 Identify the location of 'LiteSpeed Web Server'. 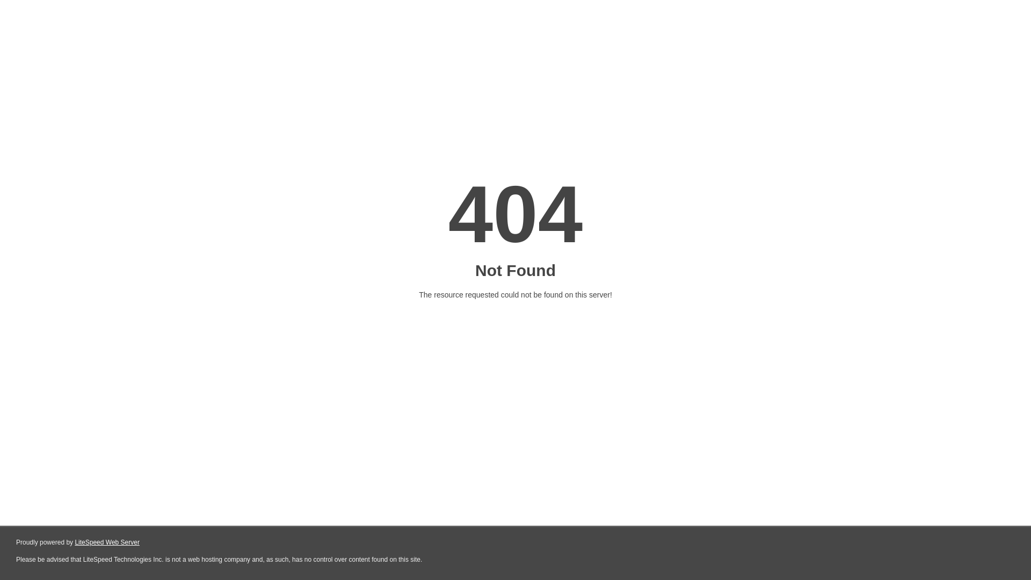
(107, 542).